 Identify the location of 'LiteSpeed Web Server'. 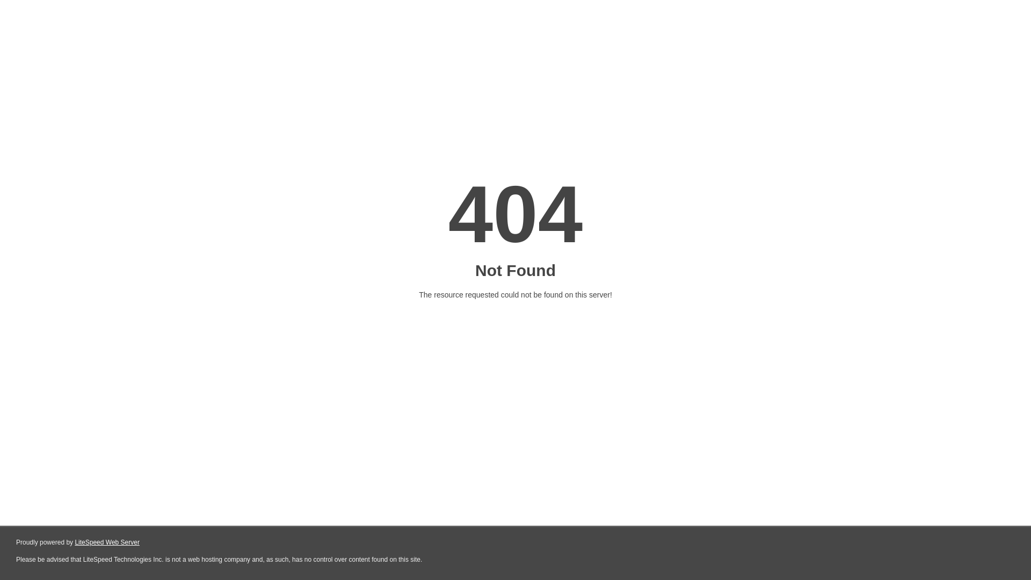
(107, 542).